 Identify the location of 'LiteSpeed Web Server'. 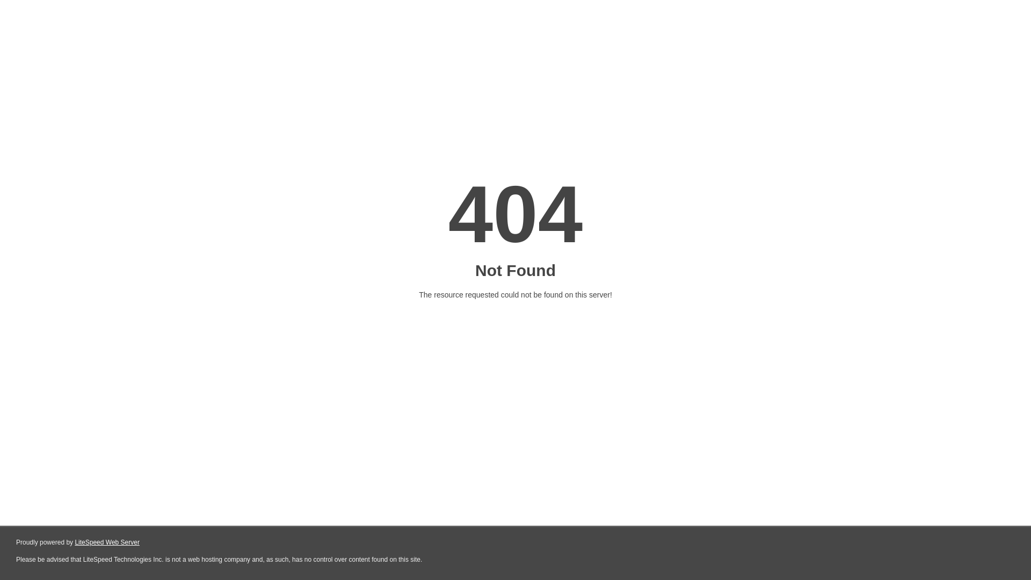
(107, 542).